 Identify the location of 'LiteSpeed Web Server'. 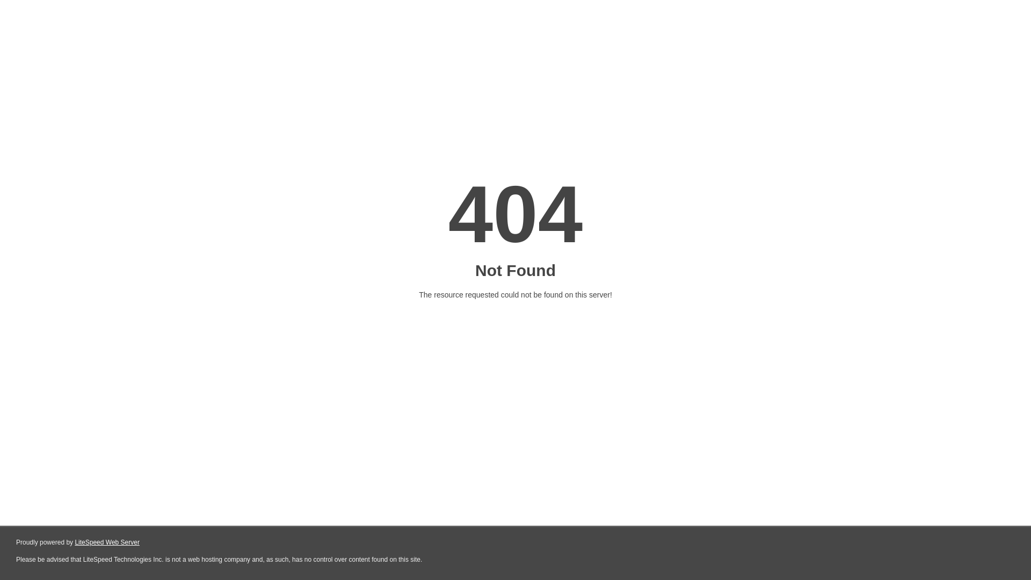
(107, 542).